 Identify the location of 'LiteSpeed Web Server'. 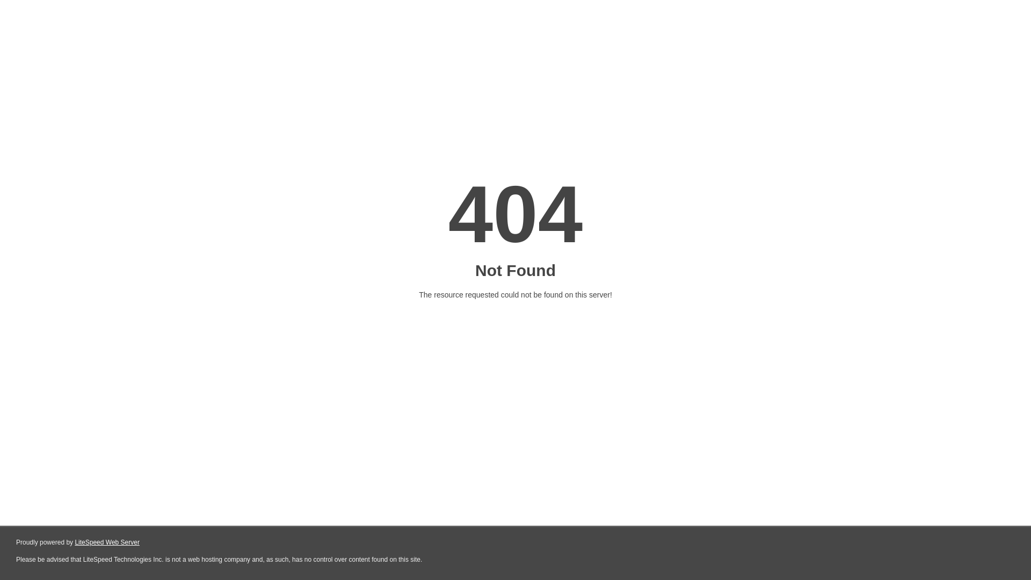
(107, 542).